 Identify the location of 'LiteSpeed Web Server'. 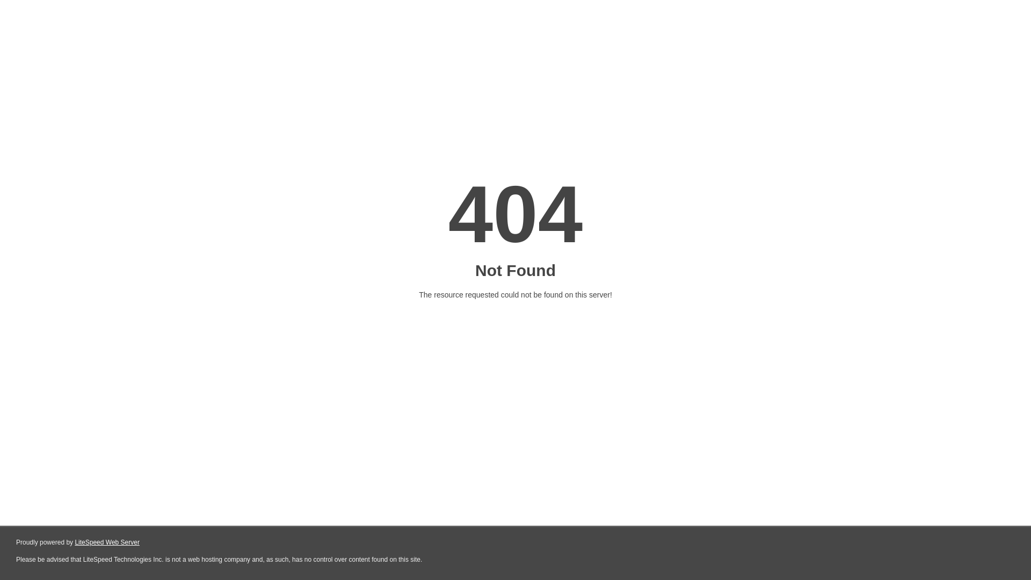
(107, 542).